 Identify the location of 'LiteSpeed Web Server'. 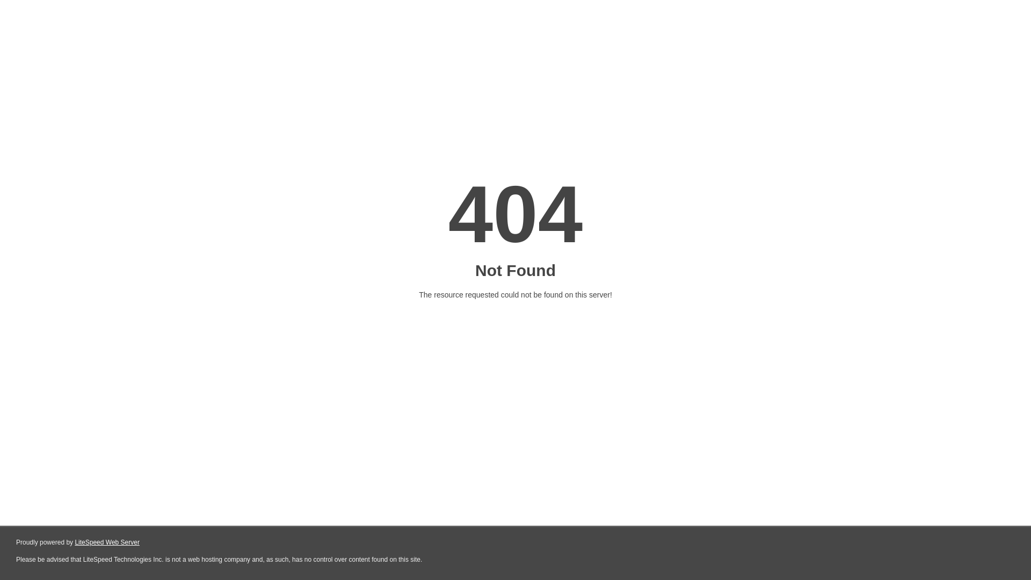
(107, 542).